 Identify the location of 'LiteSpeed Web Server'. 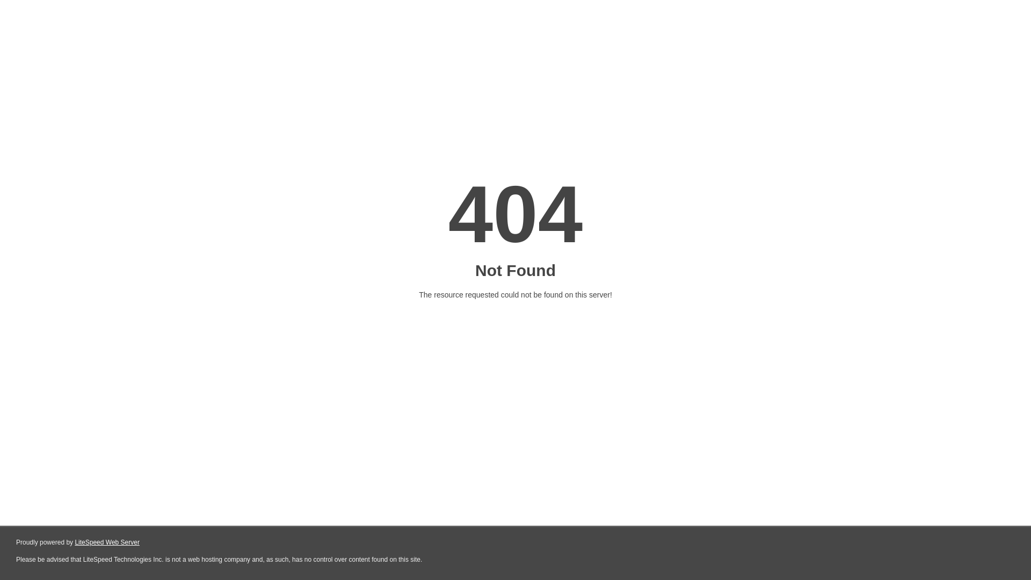
(107, 542).